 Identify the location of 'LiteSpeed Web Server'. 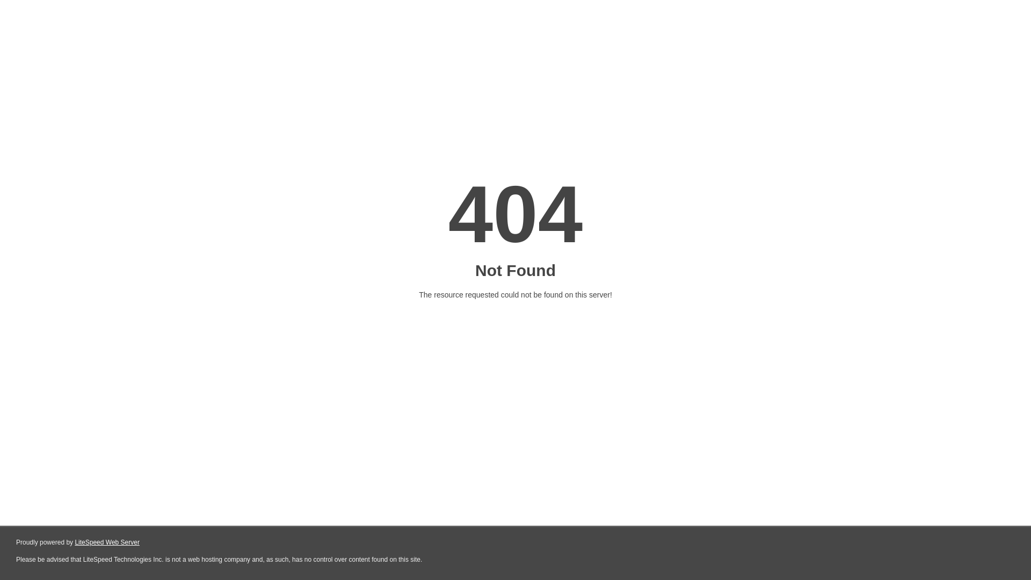
(107, 542).